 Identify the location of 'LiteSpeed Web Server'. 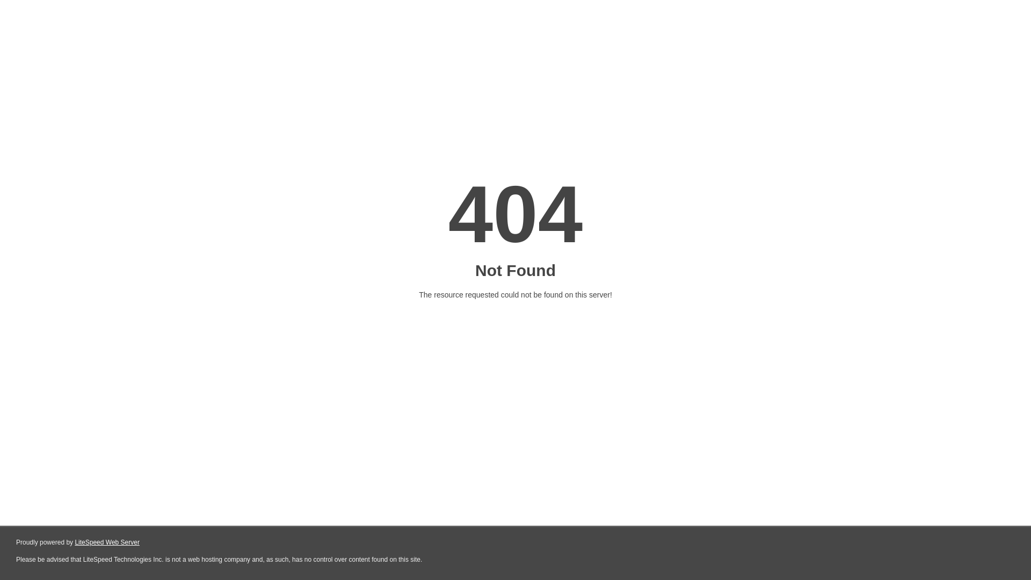
(107, 542).